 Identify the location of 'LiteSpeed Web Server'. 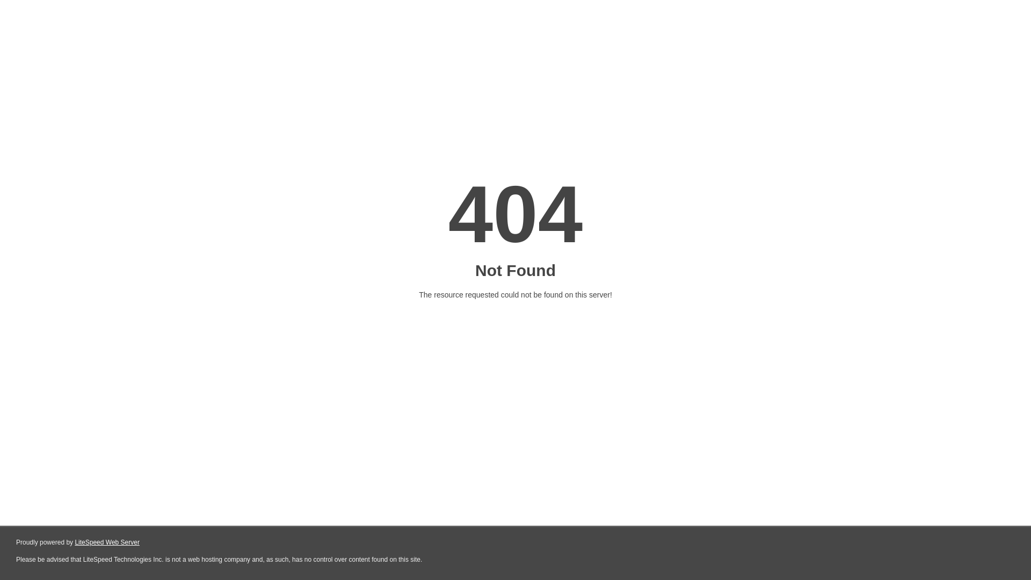
(107, 542).